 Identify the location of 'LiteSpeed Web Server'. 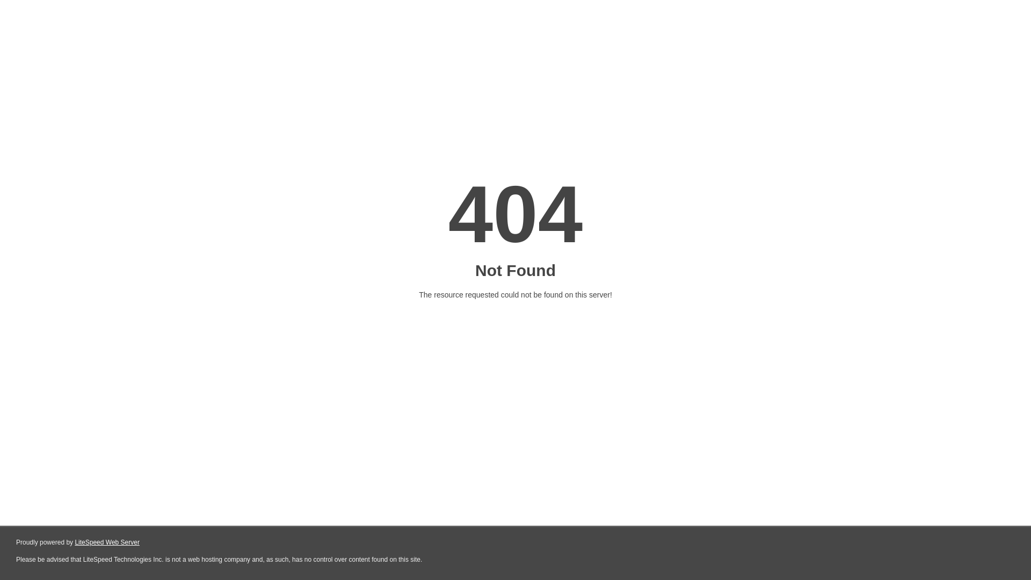
(107, 542).